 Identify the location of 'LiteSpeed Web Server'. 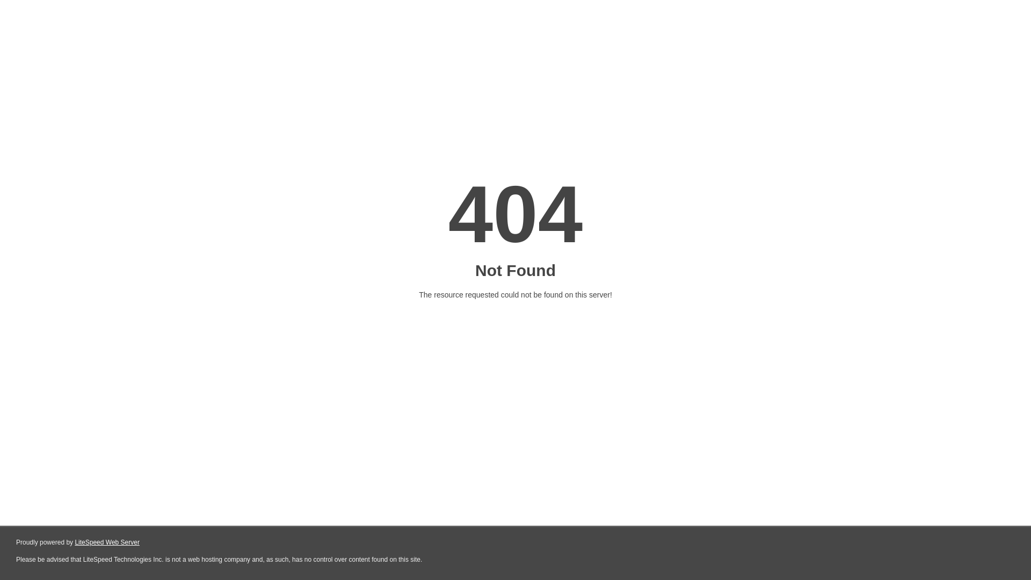
(107, 542).